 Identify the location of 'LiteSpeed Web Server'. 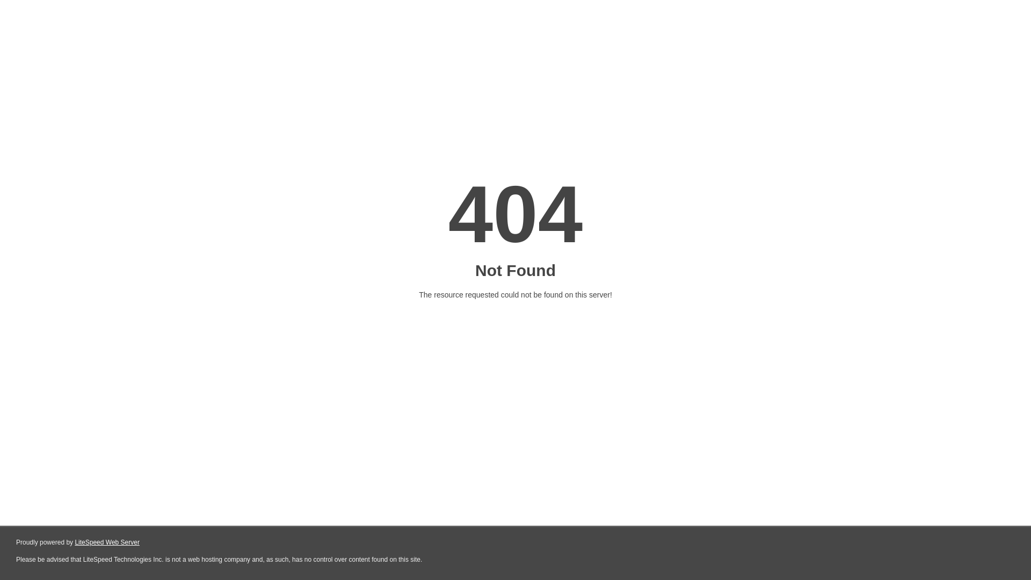
(107, 542).